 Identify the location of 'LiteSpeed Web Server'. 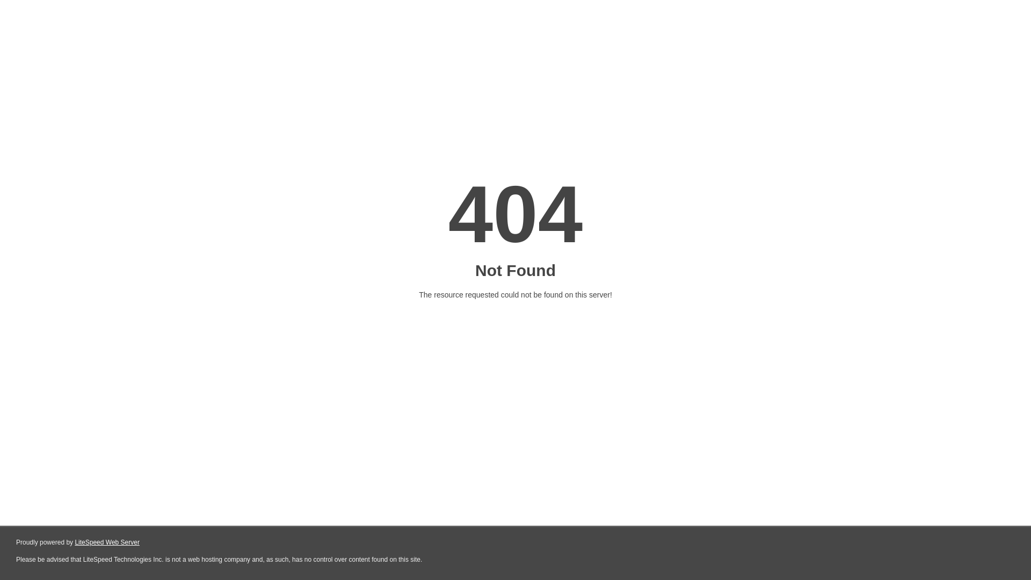
(107, 542).